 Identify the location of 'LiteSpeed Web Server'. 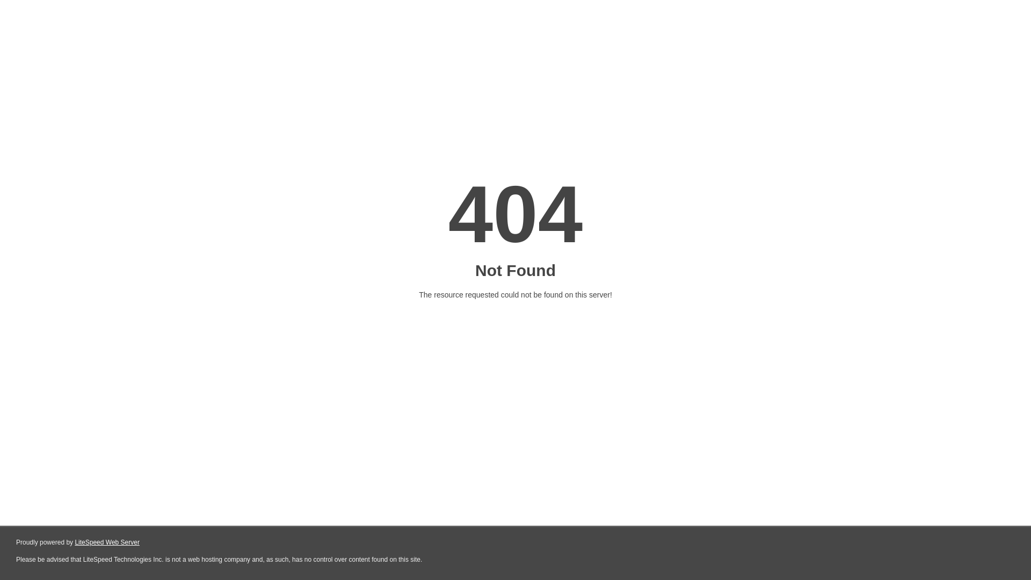
(107, 542).